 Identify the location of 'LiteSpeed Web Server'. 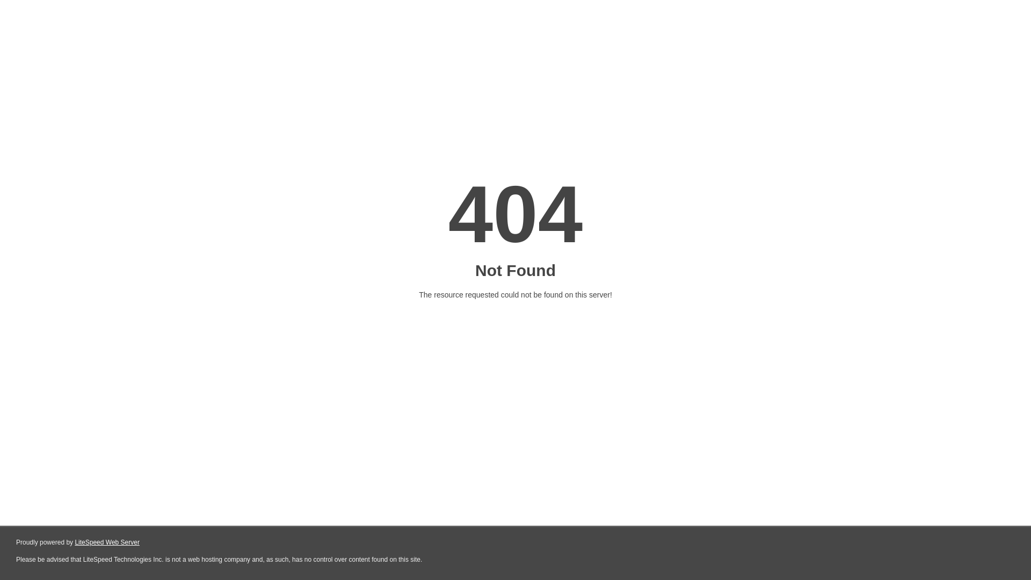
(107, 542).